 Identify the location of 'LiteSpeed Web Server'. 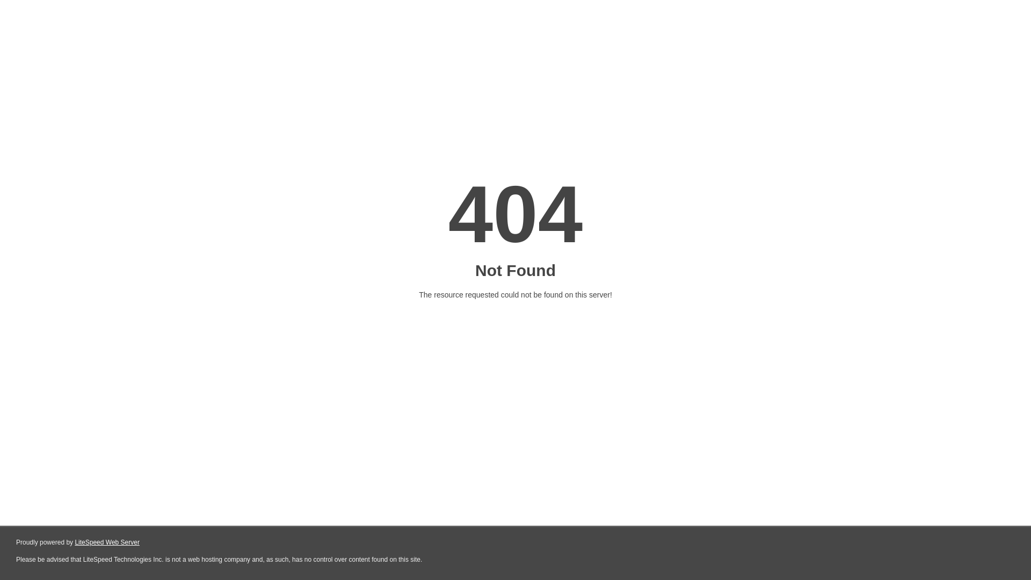
(107, 542).